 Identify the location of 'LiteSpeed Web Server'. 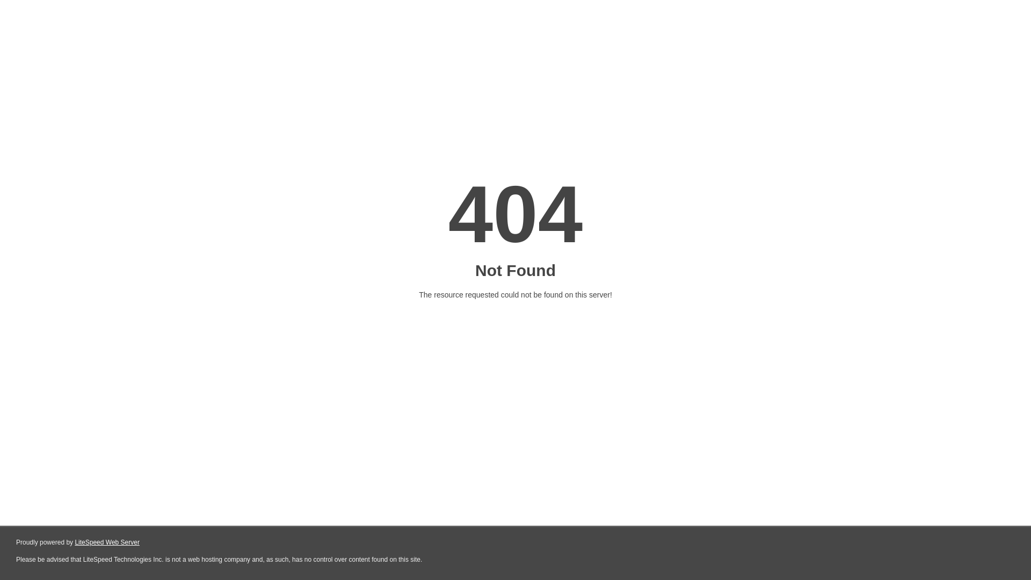
(107, 542).